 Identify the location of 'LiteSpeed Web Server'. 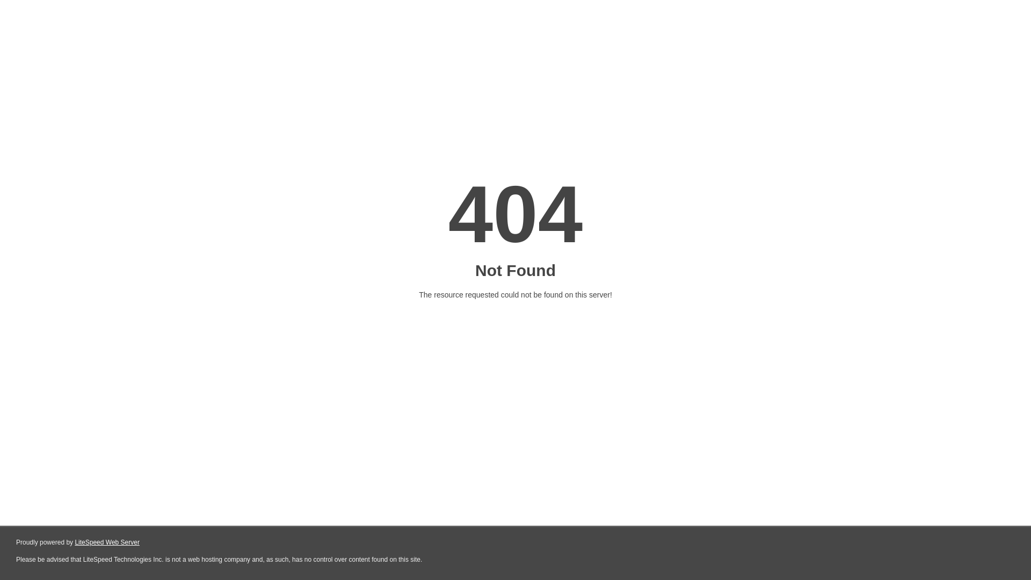
(107, 542).